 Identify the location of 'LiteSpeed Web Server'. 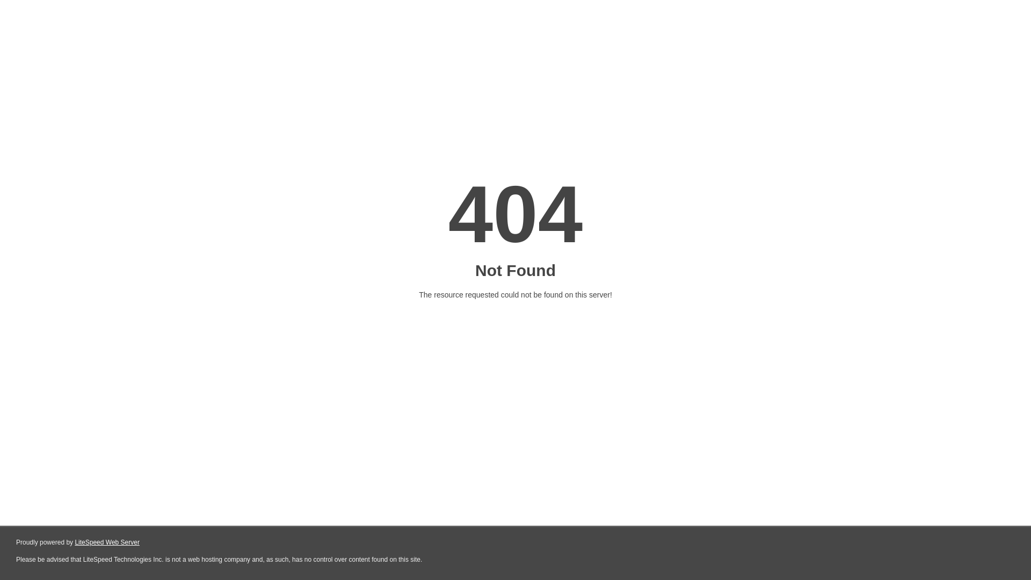
(107, 542).